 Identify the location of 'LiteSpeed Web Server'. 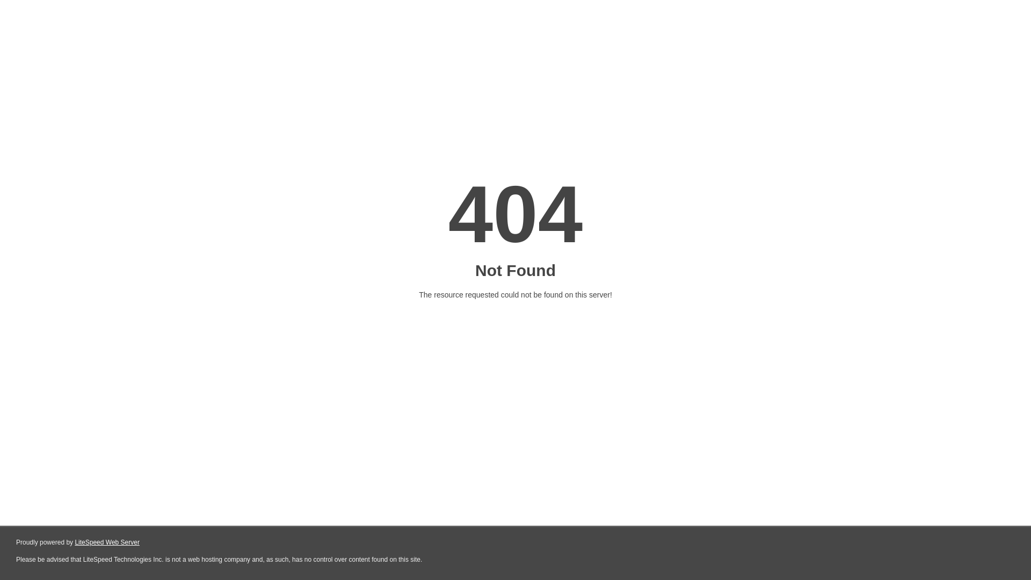
(107, 542).